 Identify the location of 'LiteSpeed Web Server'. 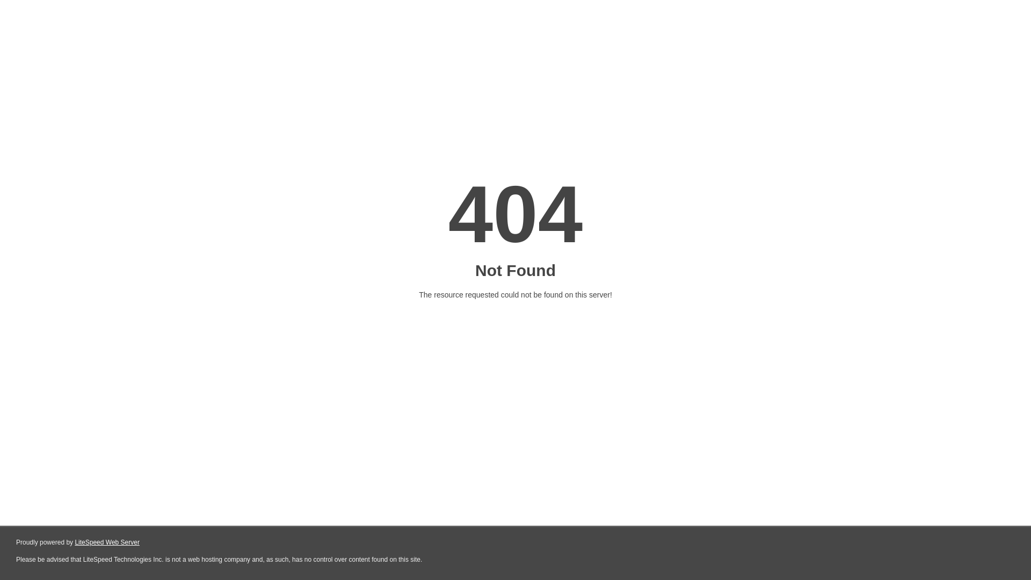
(107, 542).